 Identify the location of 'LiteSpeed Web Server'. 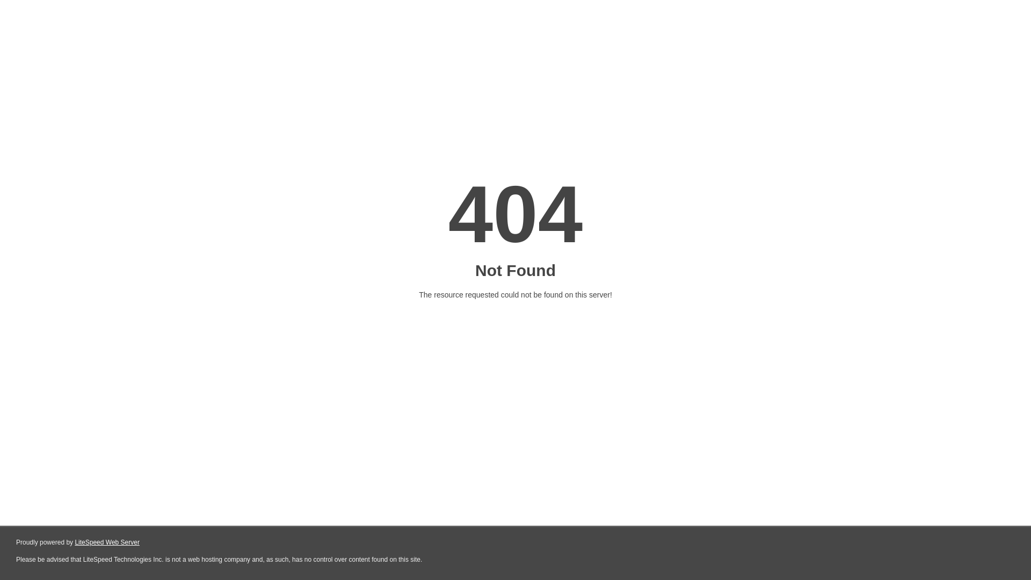
(107, 542).